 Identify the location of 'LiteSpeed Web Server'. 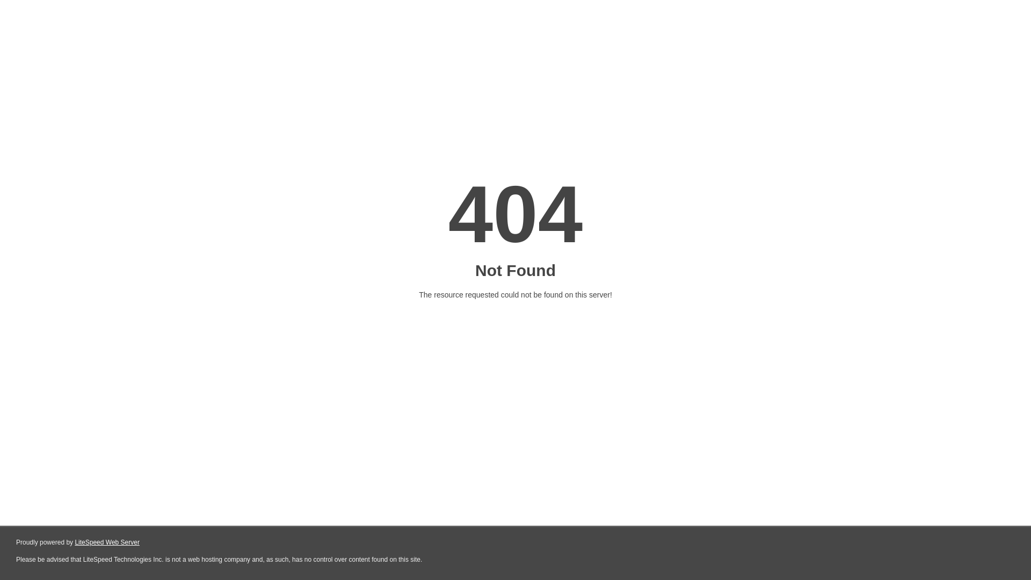
(107, 542).